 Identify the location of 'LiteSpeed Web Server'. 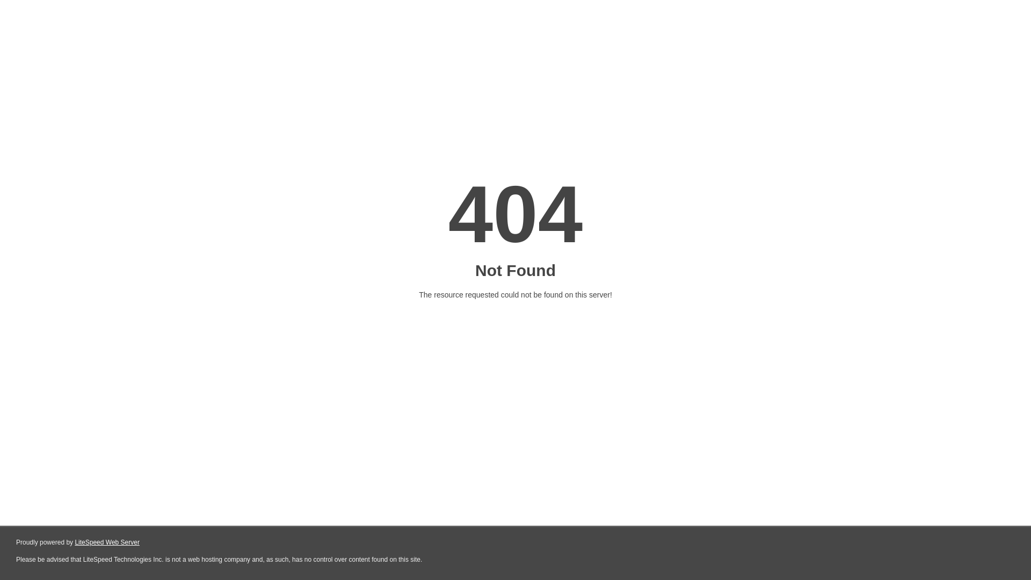
(107, 542).